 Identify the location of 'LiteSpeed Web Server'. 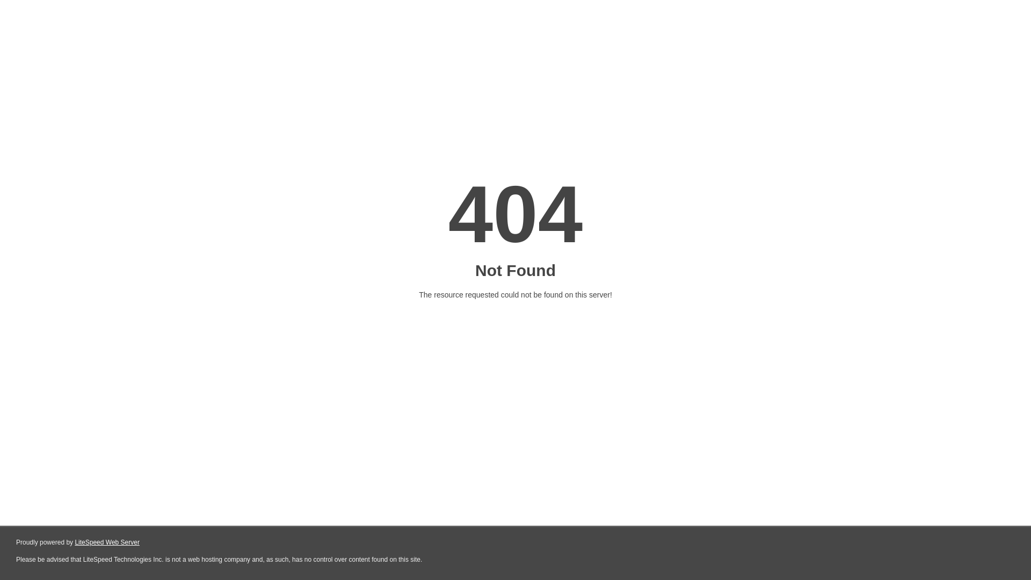
(107, 542).